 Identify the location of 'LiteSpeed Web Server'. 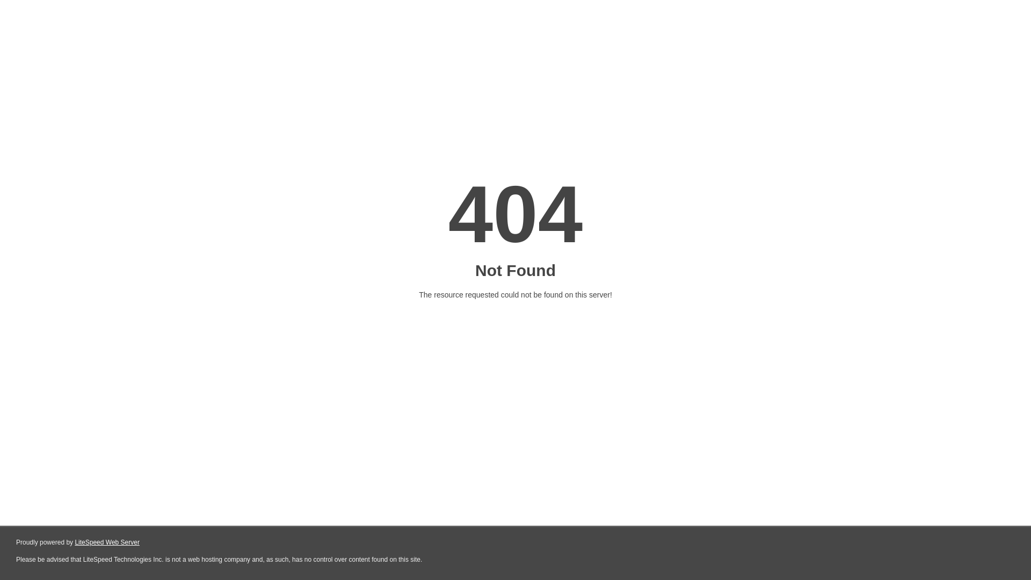
(107, 542).